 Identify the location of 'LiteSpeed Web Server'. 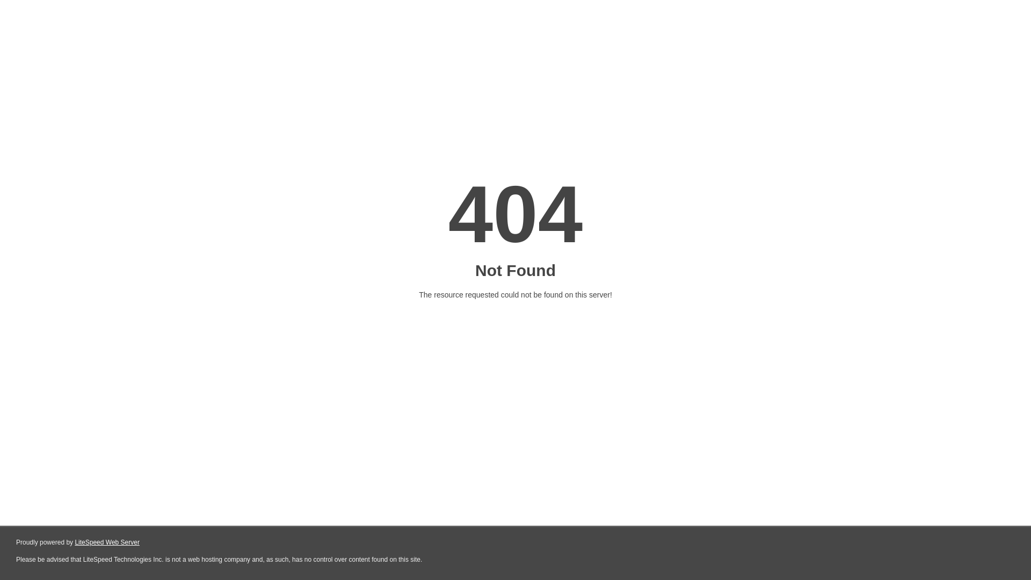
(107, 542).